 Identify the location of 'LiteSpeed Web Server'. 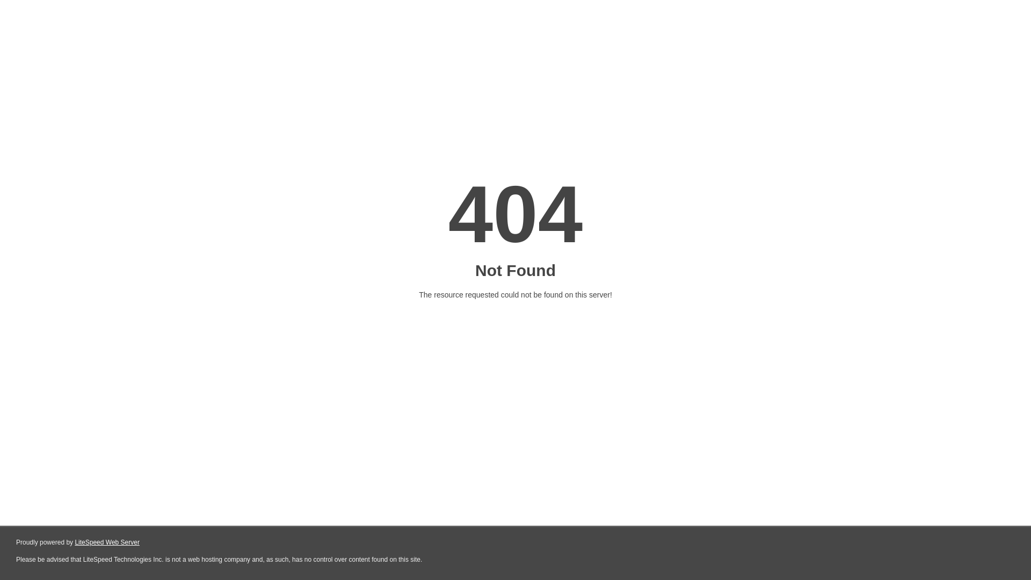
(107, 542).